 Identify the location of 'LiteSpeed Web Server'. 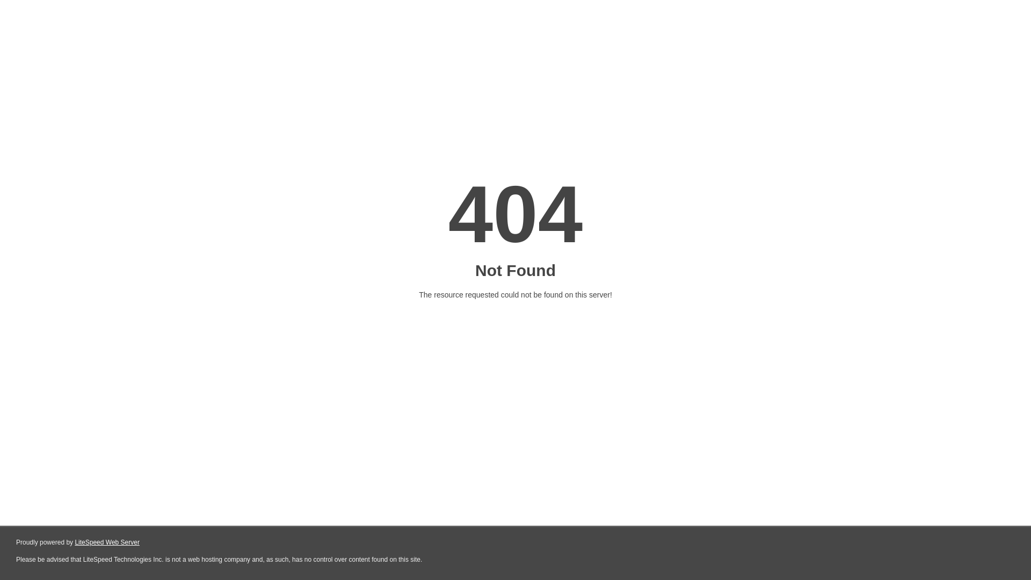
(107, 542).